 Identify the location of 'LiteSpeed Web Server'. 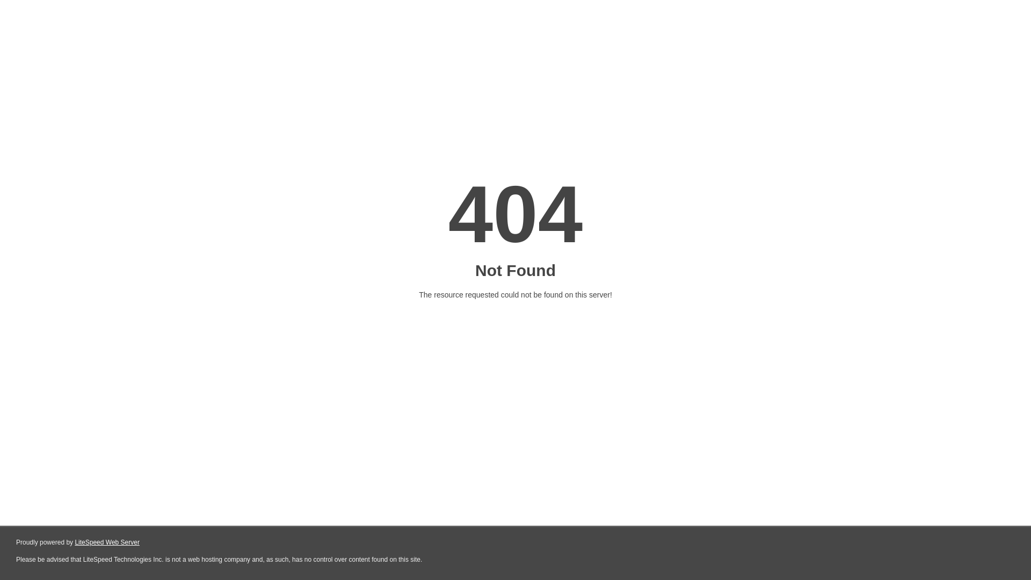
(107, 542).